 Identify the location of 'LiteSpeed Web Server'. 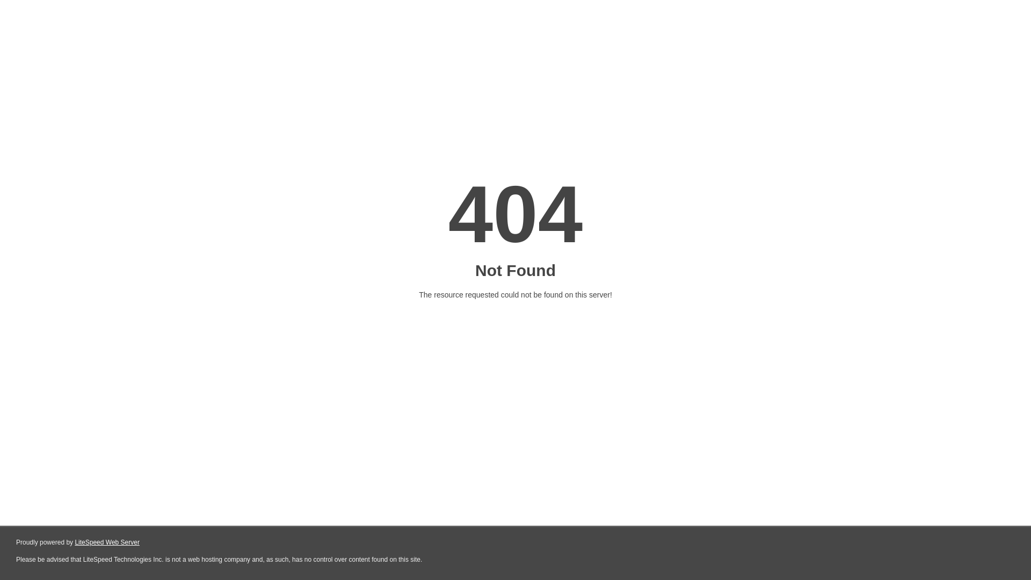
(107, 542).